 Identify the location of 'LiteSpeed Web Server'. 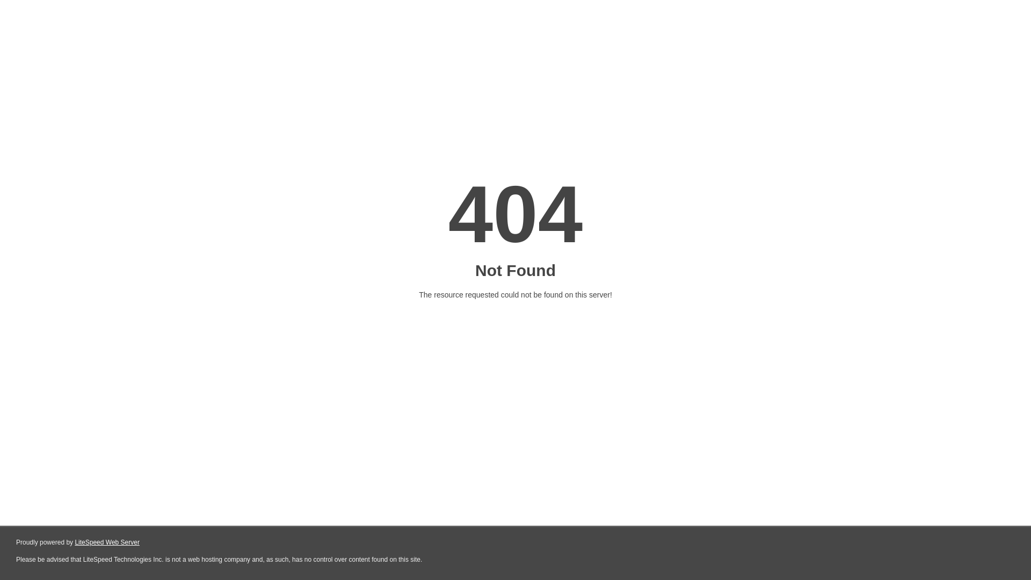
(107, 542).